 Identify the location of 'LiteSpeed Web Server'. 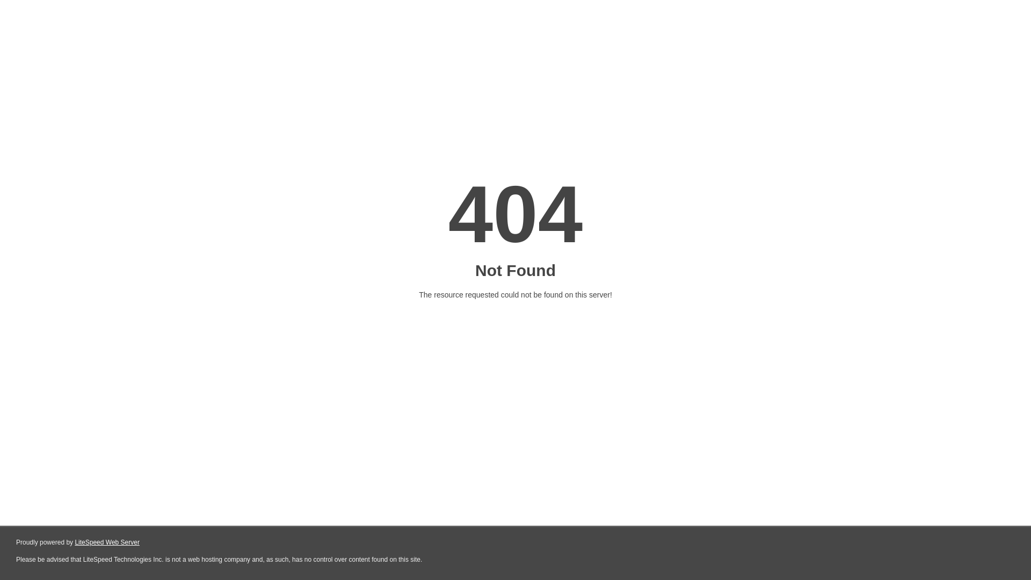
(107, 542).